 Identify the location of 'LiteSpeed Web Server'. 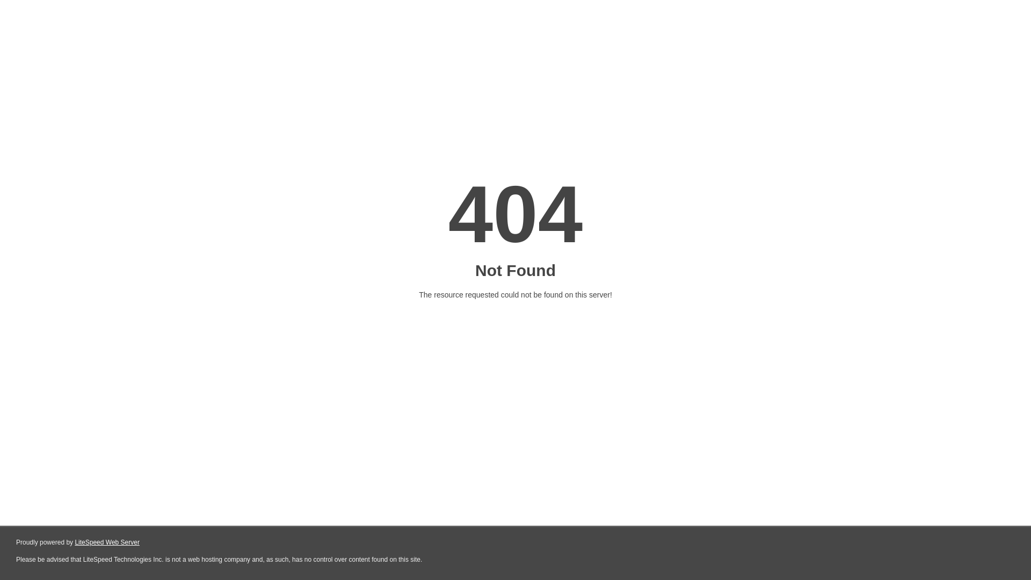
(107, 542).